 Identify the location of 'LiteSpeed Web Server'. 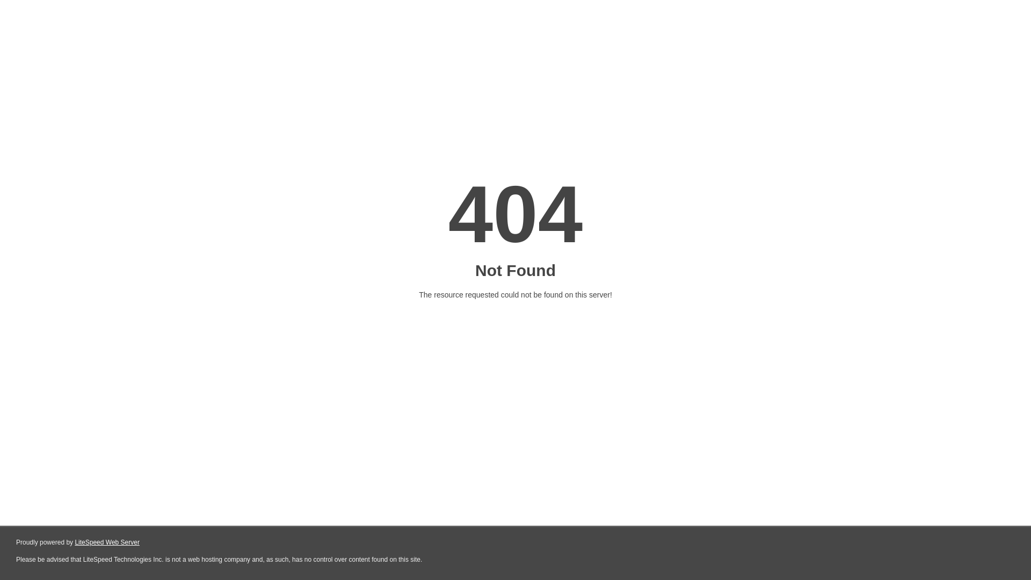
(107, 542).